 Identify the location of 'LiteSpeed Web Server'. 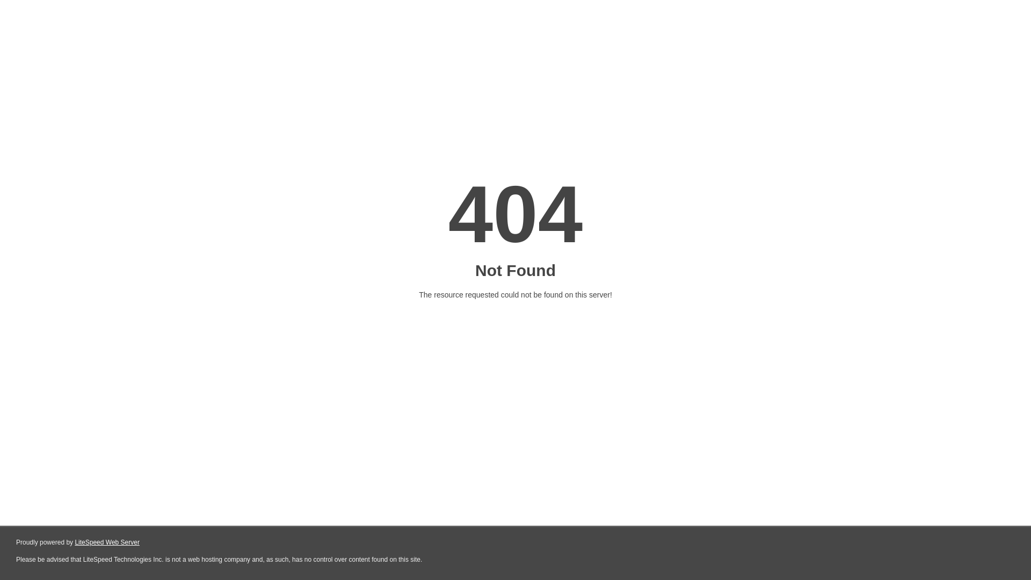
(107, 542).